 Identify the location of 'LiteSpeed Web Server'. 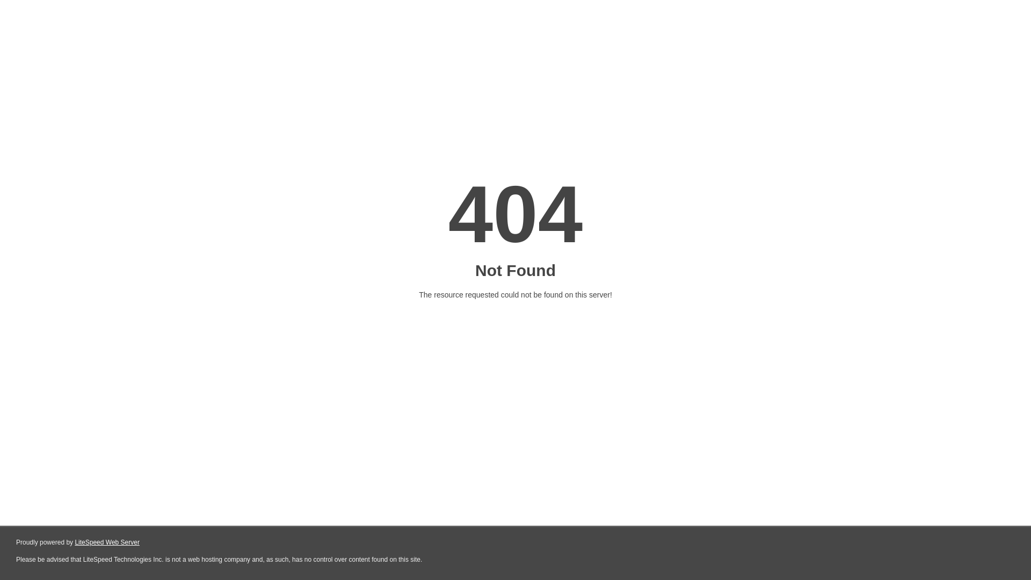
(107, 542).